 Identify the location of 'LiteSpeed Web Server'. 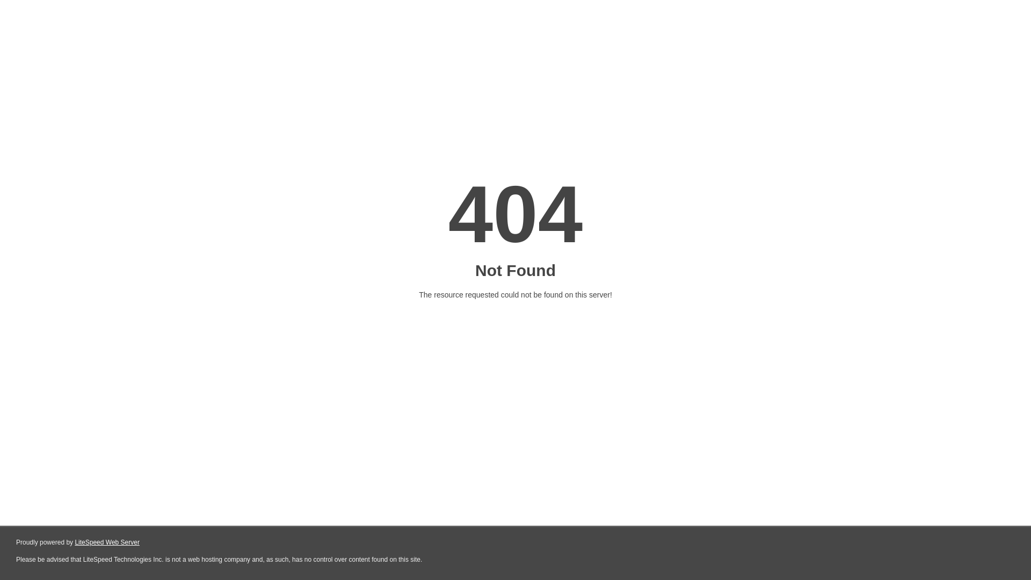
(107, 542).